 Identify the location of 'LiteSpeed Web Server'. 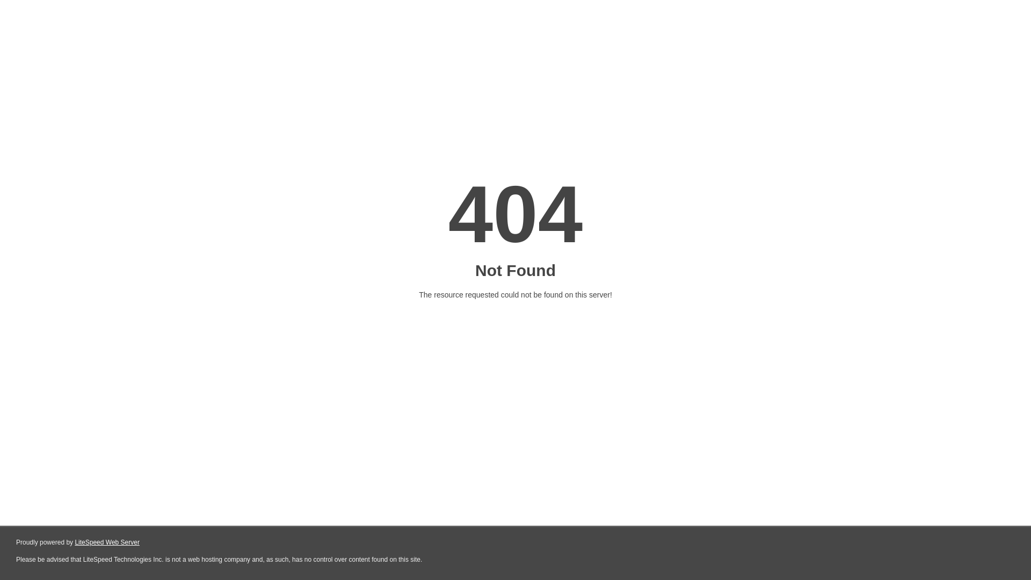
(107, 542).